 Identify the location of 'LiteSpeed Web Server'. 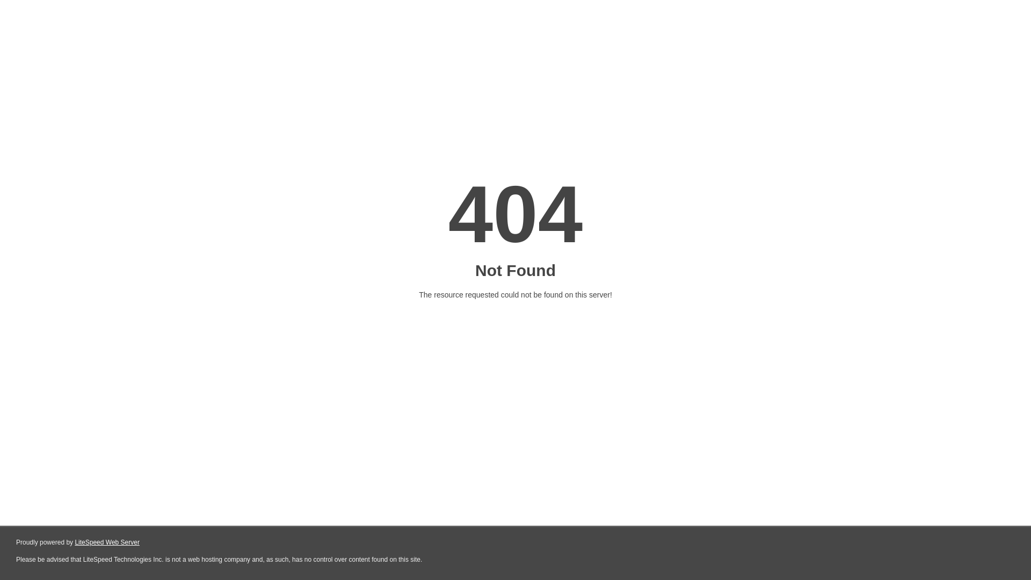
(107, 542).